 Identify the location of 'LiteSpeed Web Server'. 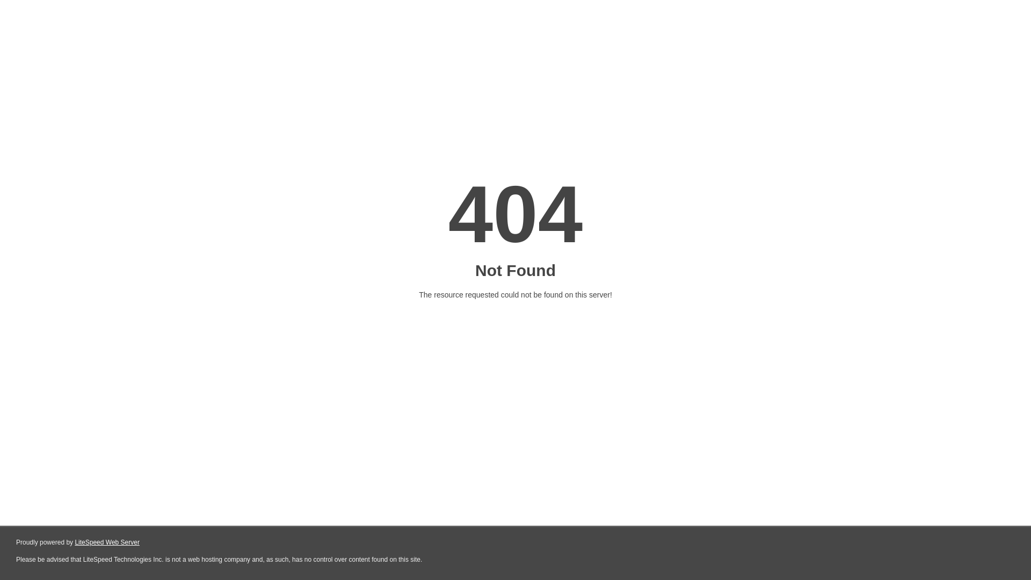
(107, 542).